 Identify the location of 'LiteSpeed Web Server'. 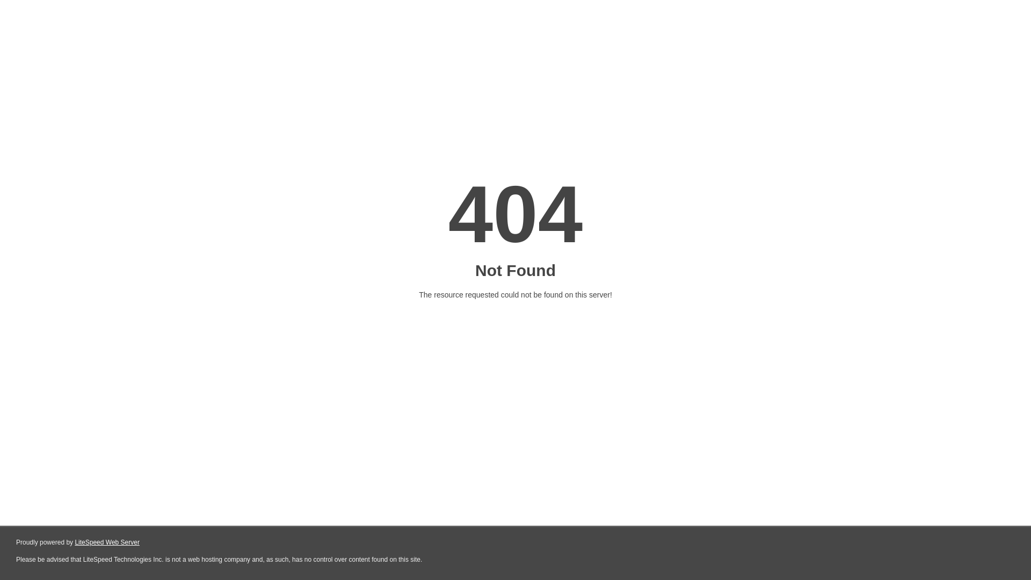
(107, 542).